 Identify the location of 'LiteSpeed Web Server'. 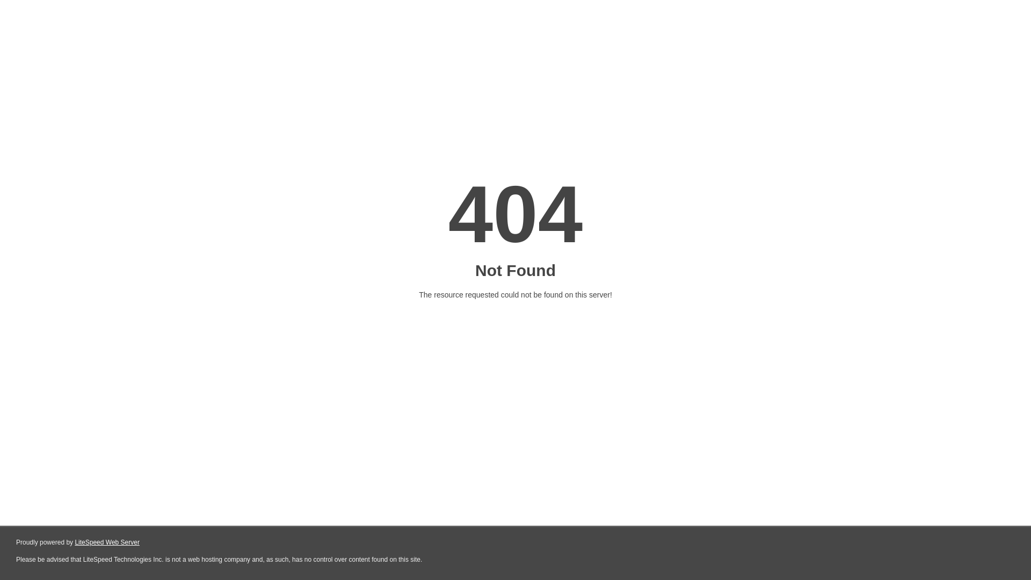
(107, 542).